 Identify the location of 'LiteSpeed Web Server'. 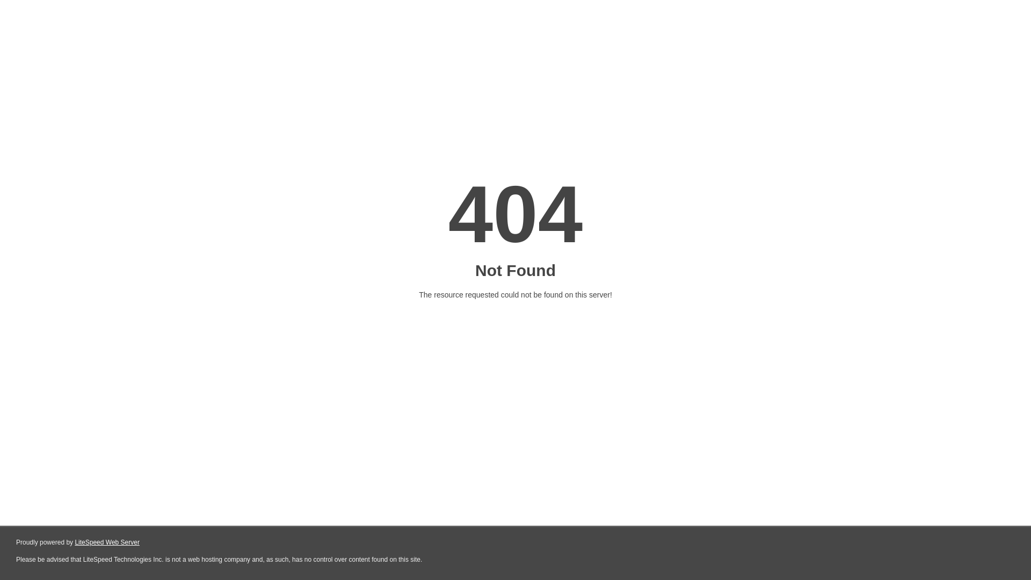
(107, 542).